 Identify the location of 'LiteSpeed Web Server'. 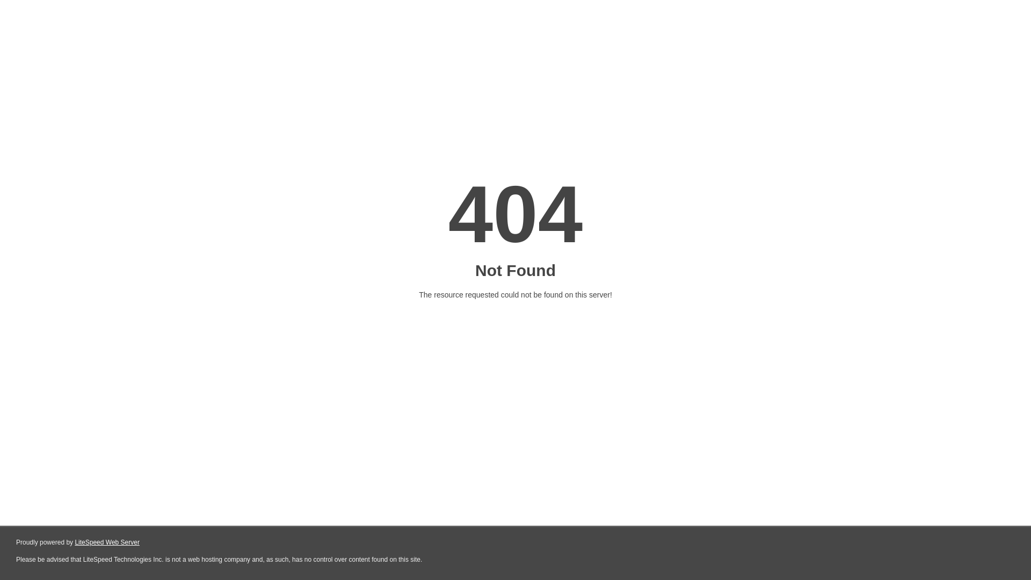
(107, 542).